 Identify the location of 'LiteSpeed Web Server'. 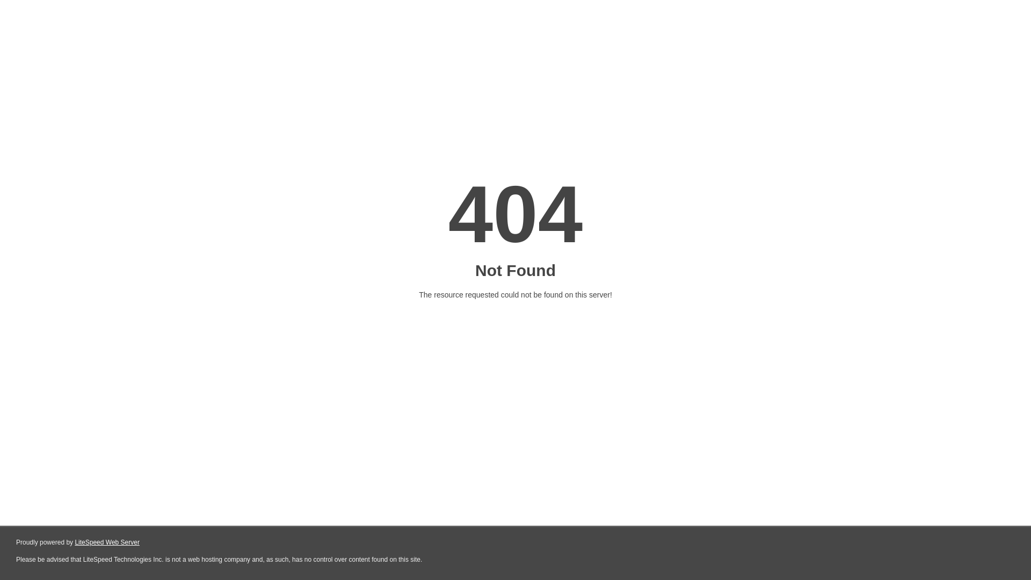
(107, 542).